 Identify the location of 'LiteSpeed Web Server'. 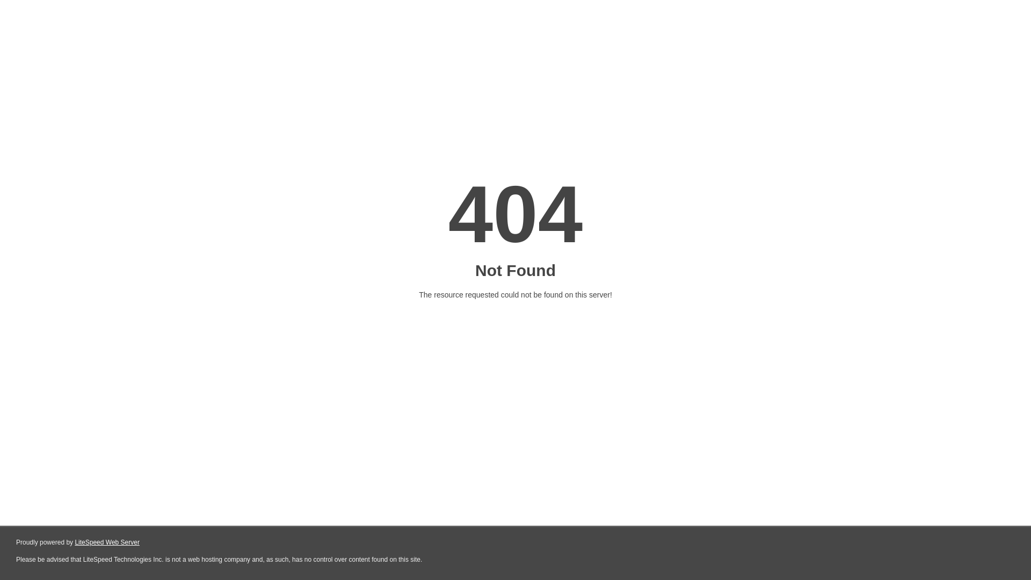
(107, 542).